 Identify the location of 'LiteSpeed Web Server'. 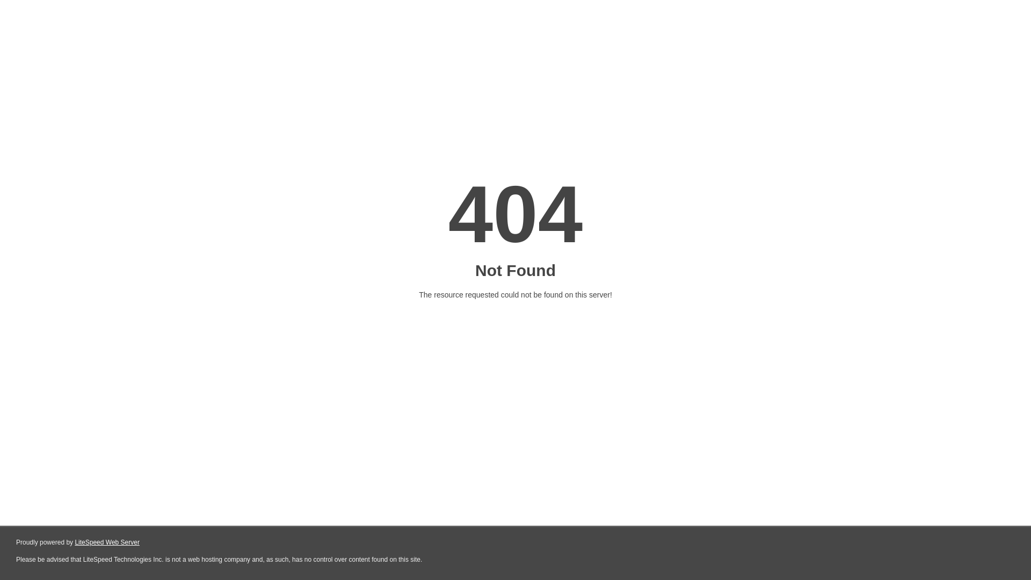
(107, 542).